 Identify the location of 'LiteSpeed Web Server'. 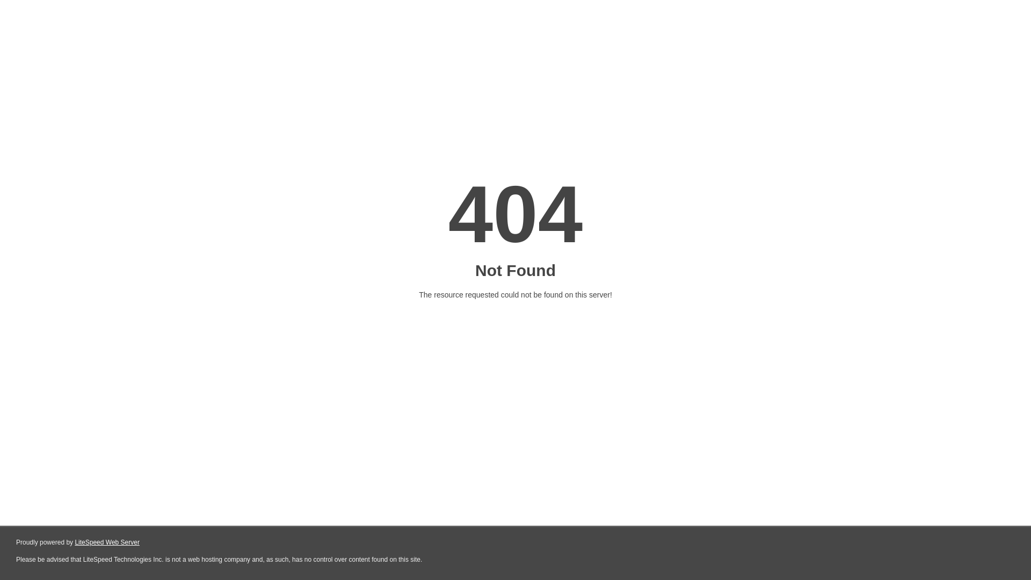
(107, 542).